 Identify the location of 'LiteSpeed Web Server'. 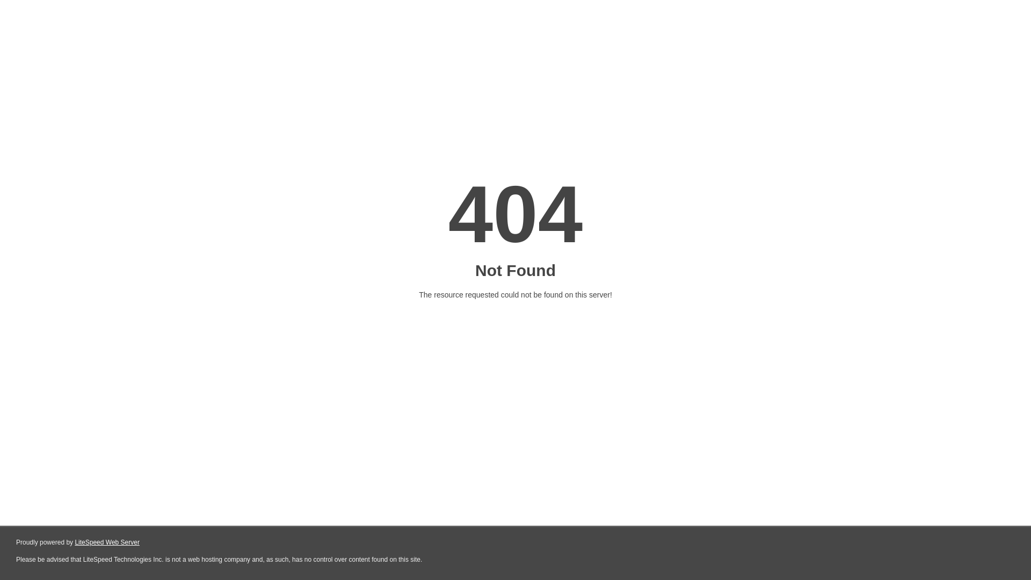
(107, 542).